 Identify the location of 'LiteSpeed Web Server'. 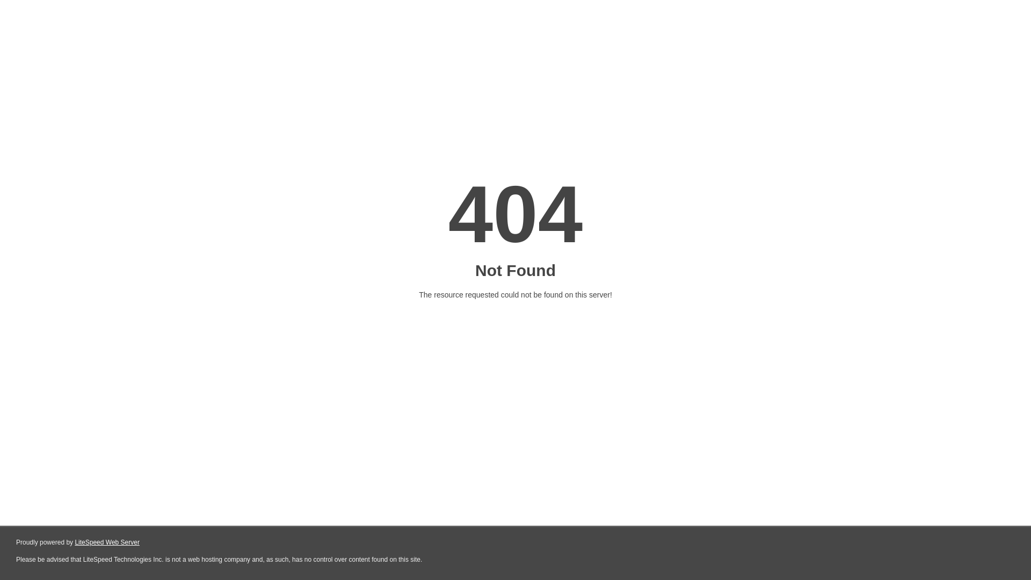
(107, 542).